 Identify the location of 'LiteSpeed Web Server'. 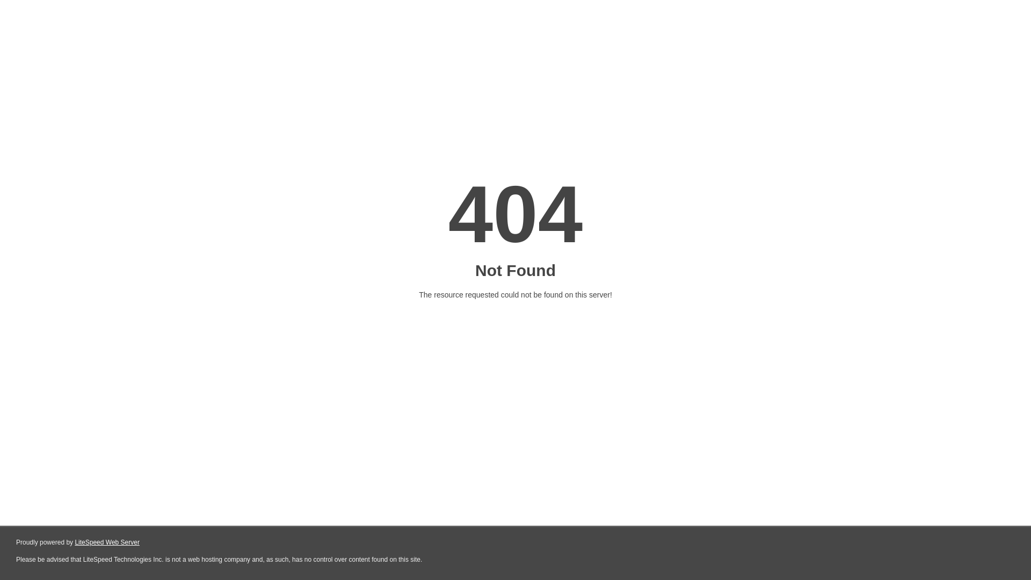
(107, 542).